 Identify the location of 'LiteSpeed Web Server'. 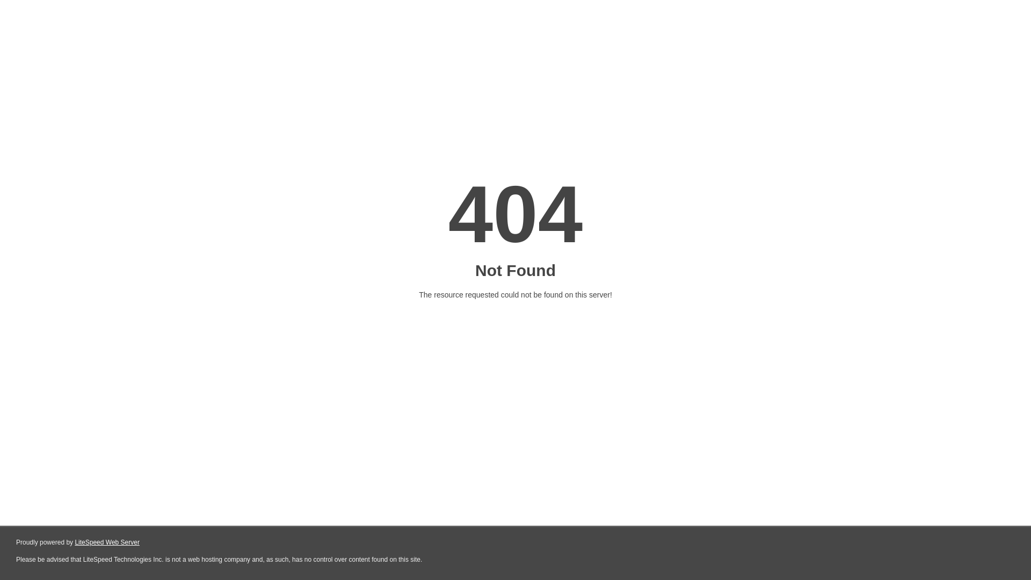
(107, 542).